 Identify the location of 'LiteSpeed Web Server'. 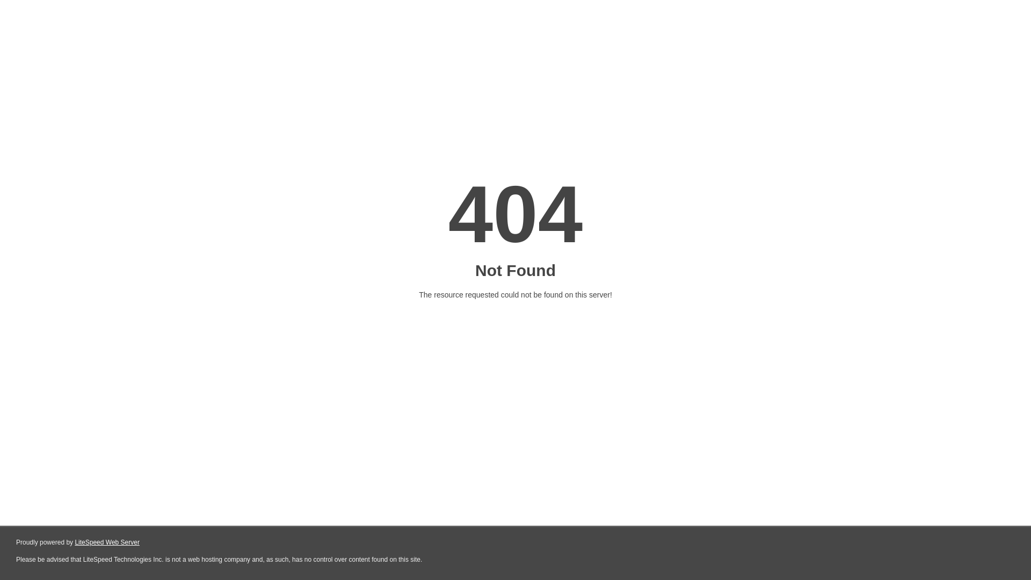
(107, 542).